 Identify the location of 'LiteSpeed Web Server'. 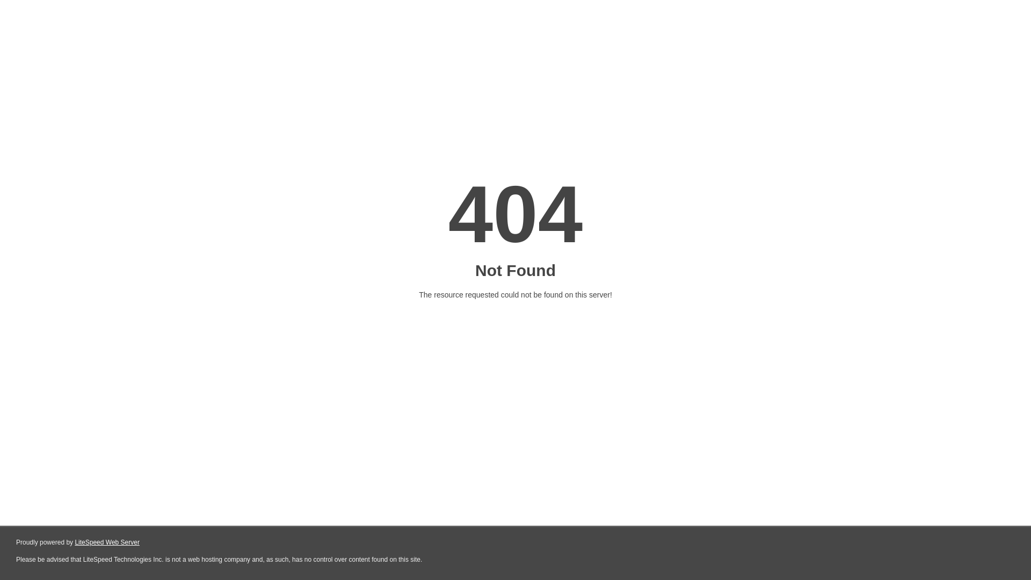
(107, 542).